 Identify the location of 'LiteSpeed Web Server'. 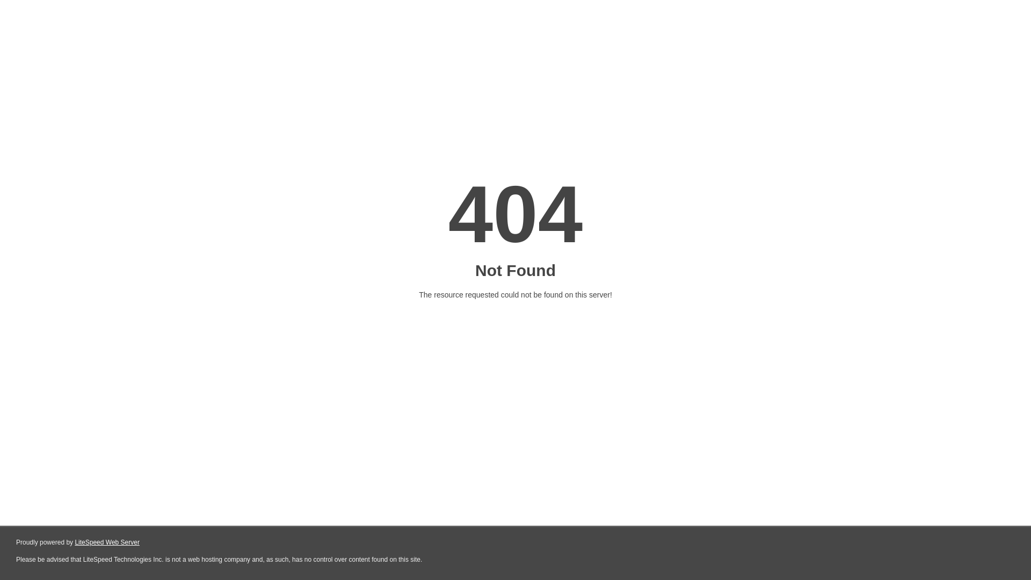
(107, 542).